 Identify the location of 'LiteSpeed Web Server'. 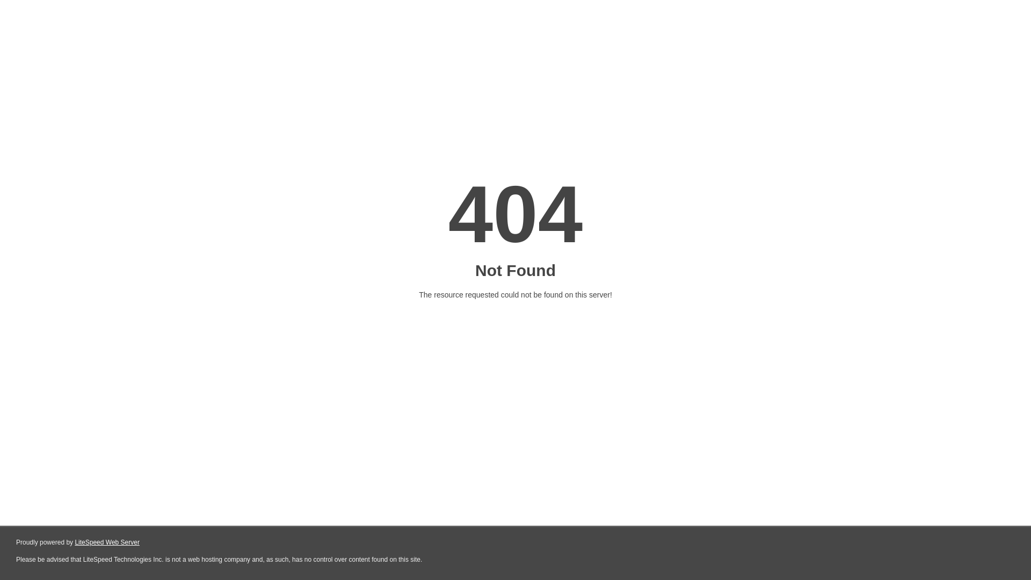
(107, 542).